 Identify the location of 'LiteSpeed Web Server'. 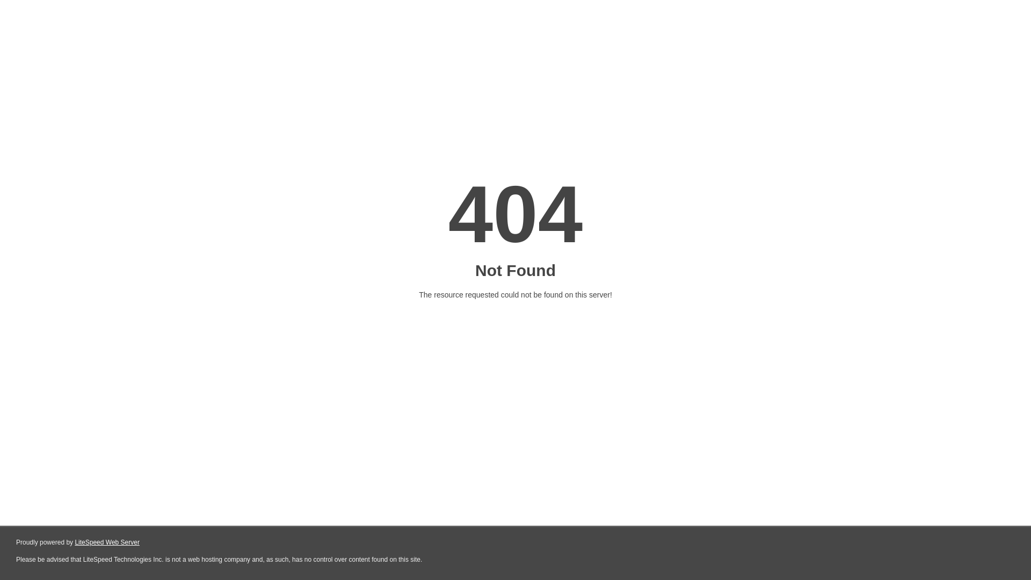
(107, 542).